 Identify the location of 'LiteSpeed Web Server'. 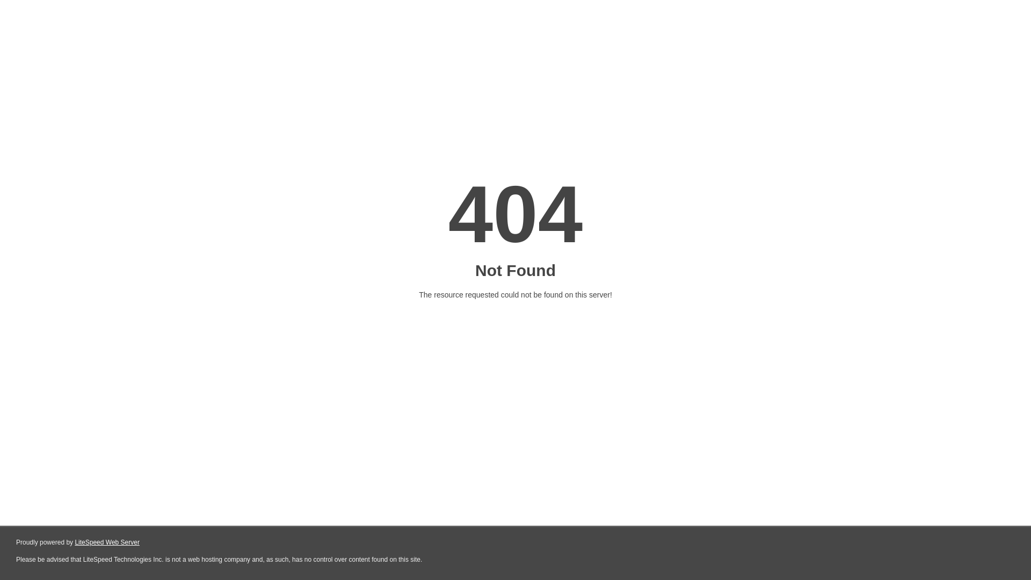
(107, 542).